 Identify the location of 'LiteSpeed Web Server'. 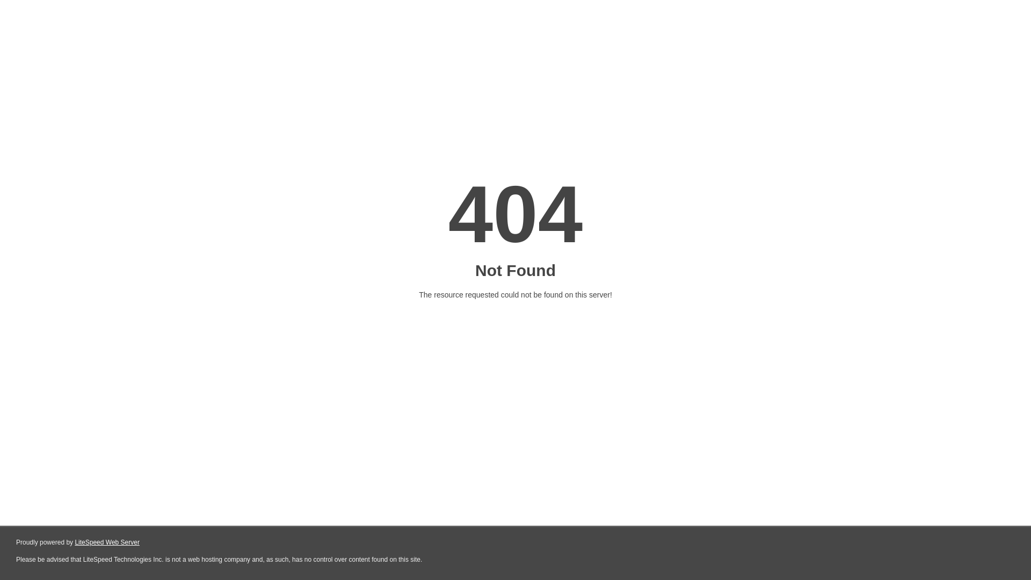
(107, 542).